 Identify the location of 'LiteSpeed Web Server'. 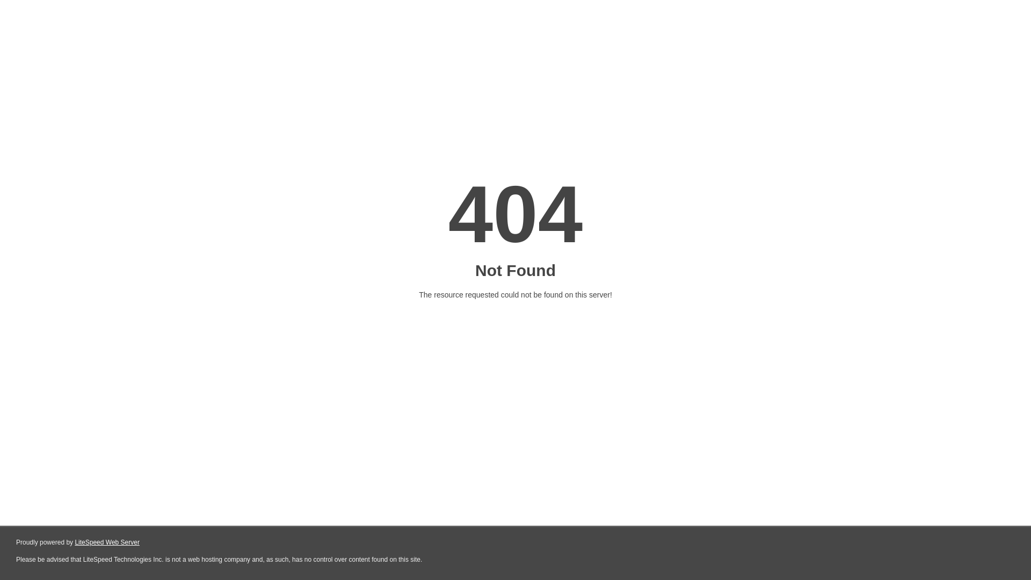
(107, 542).